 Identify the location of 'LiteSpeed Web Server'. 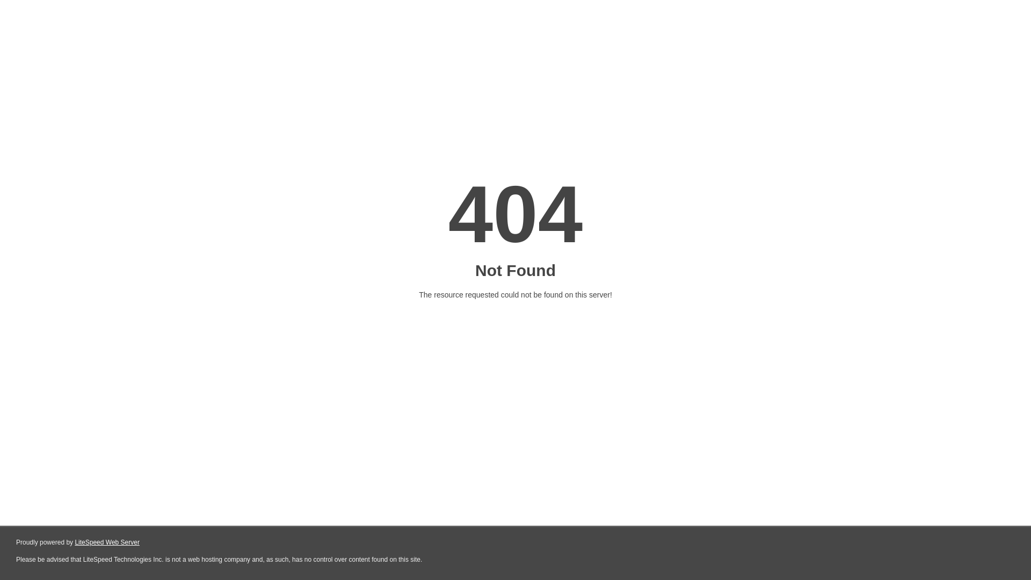
(107, 542).